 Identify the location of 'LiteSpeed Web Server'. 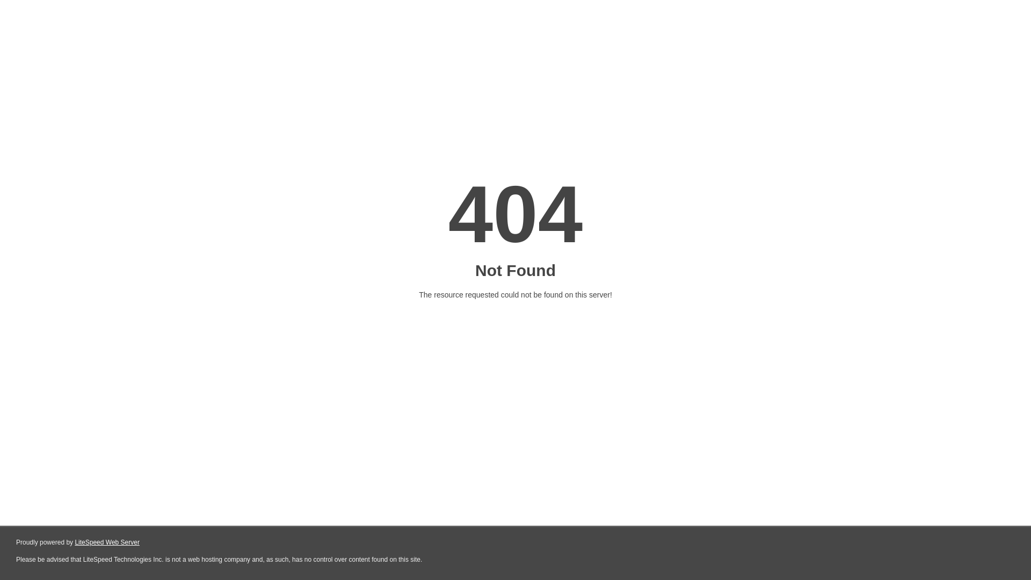
(107, 542).